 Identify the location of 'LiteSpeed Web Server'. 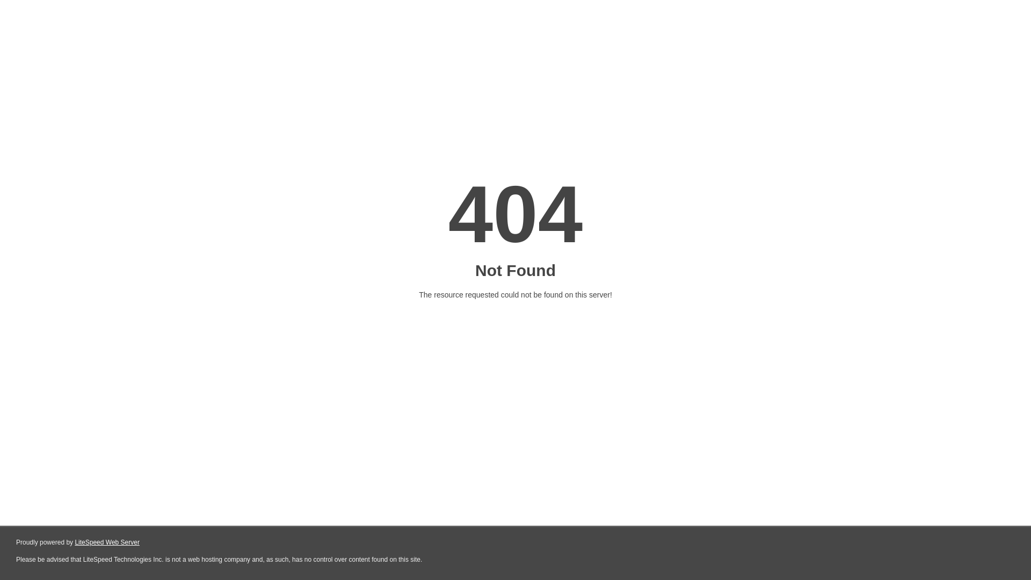
(107, 542).